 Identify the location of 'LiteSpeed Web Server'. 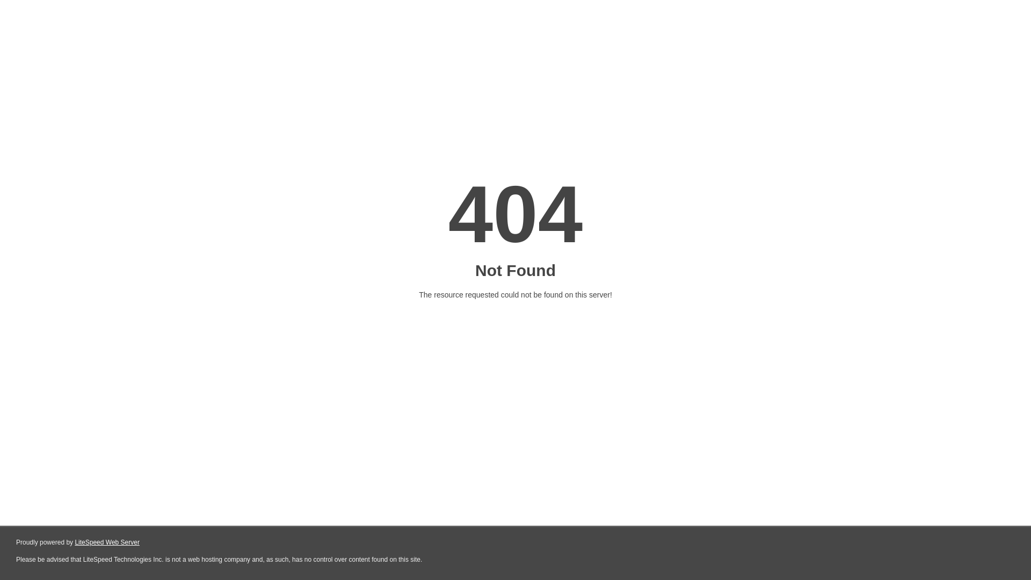
(107, 542).